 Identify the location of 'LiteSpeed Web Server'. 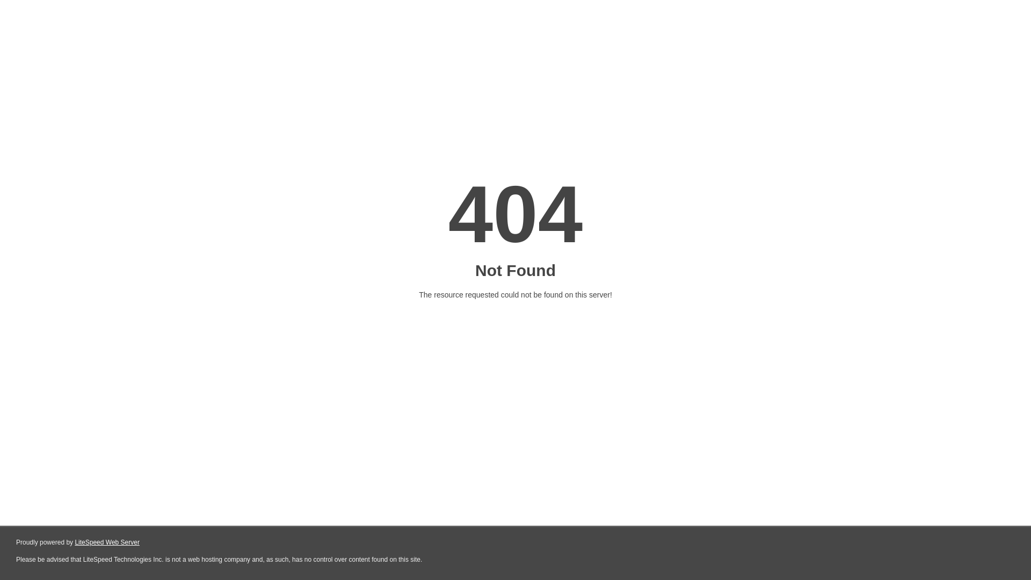
(107, 542).